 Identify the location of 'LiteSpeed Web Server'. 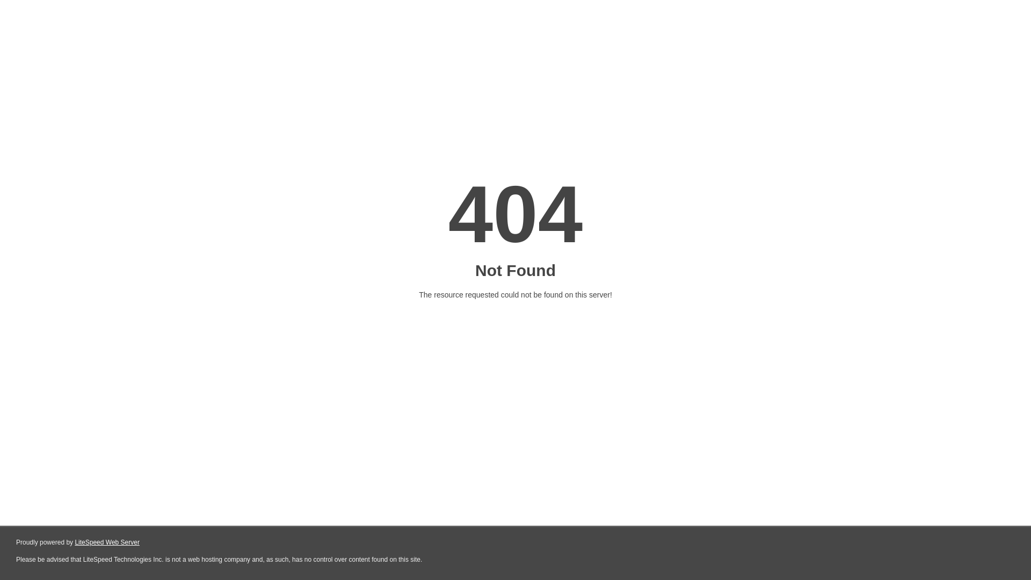
(107, 542).